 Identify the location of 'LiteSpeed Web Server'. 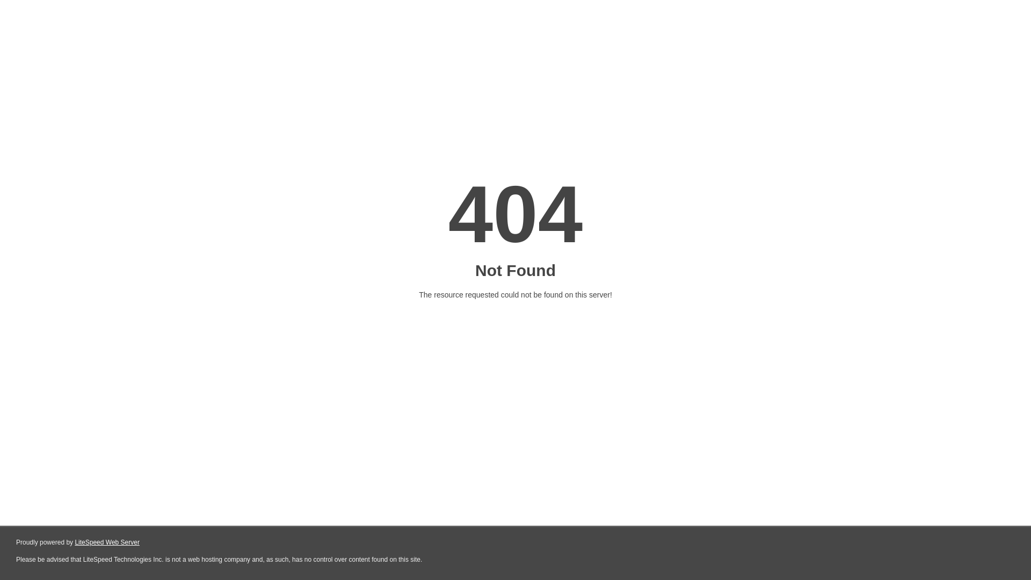
(107, 542).